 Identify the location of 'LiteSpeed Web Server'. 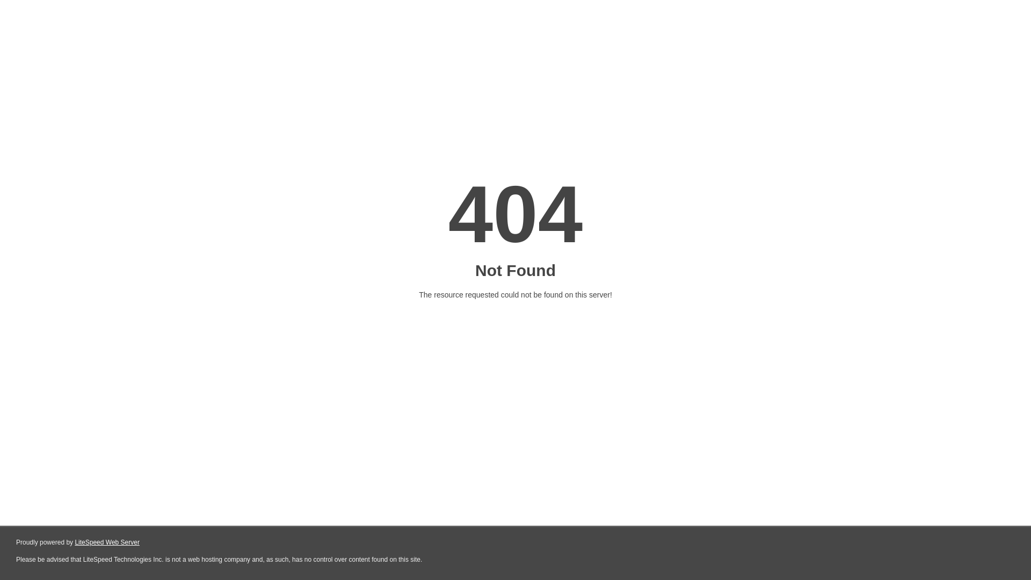
(107, 542).